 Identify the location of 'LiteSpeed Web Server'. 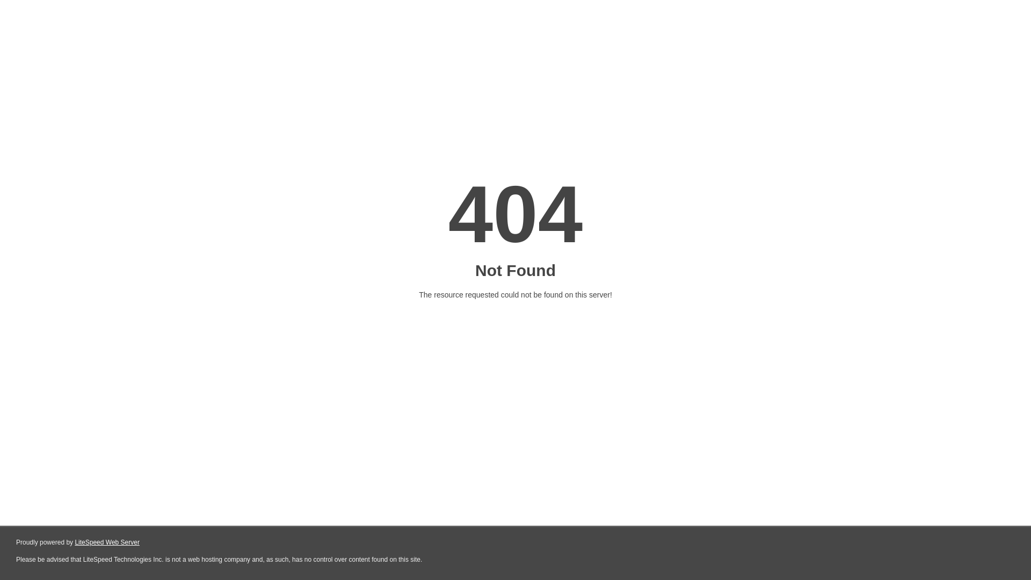
(107, 542).